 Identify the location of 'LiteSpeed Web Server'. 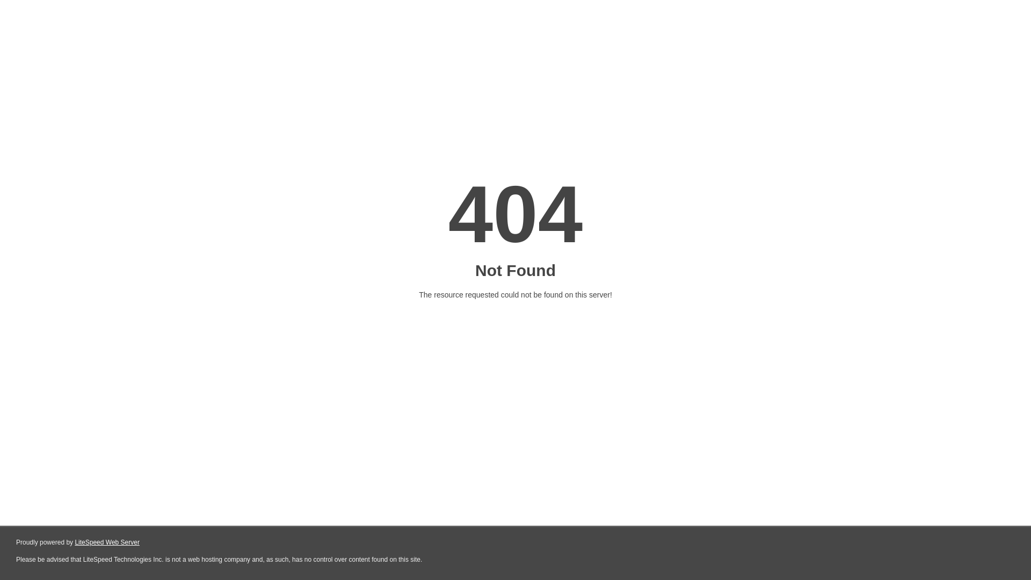
(107, 542).